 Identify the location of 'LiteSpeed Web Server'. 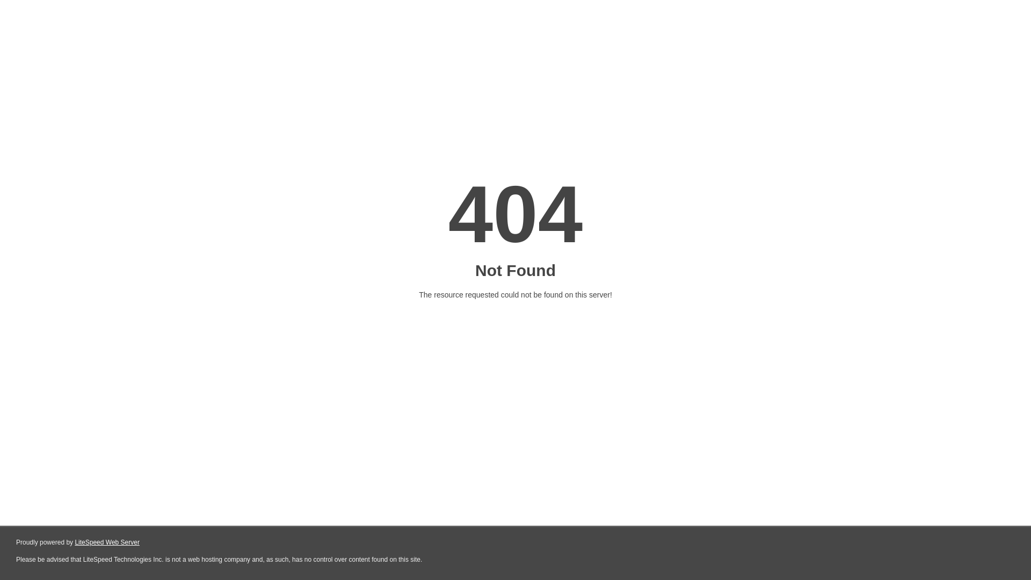
(107, 542).